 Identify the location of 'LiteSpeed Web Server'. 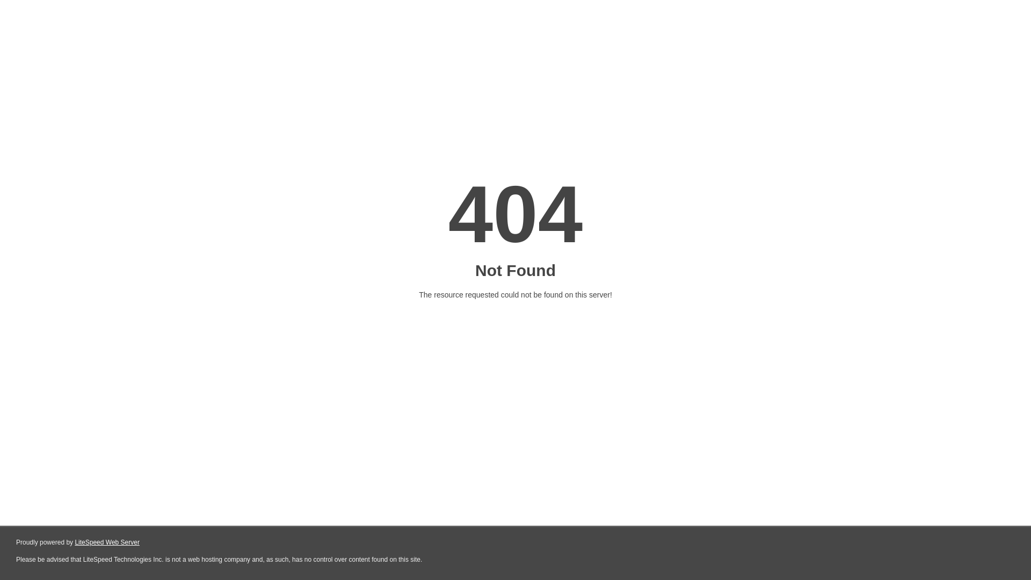
(107, 542).